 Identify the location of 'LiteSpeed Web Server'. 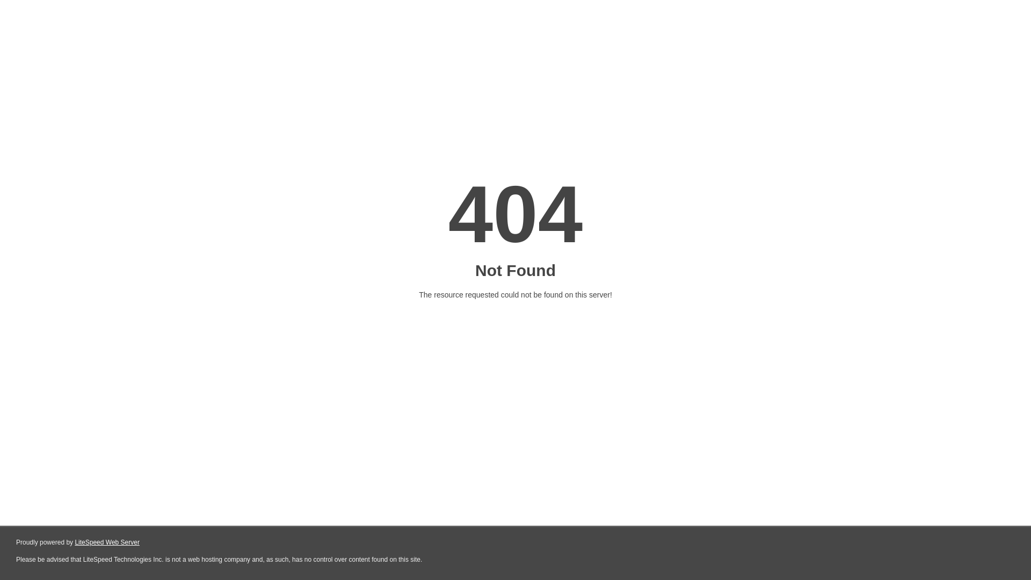
(107, 542).